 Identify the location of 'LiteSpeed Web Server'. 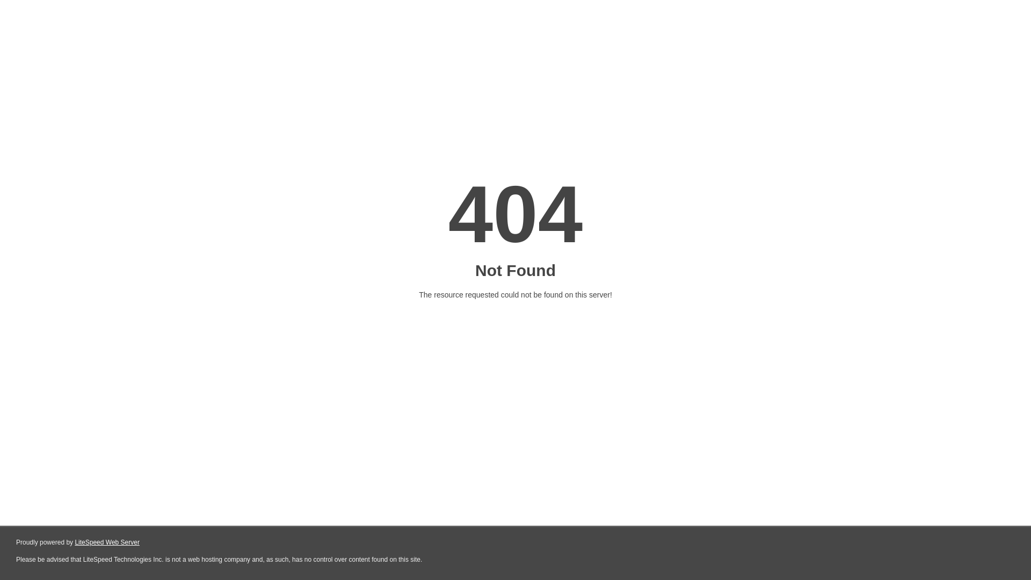
(107, 542).